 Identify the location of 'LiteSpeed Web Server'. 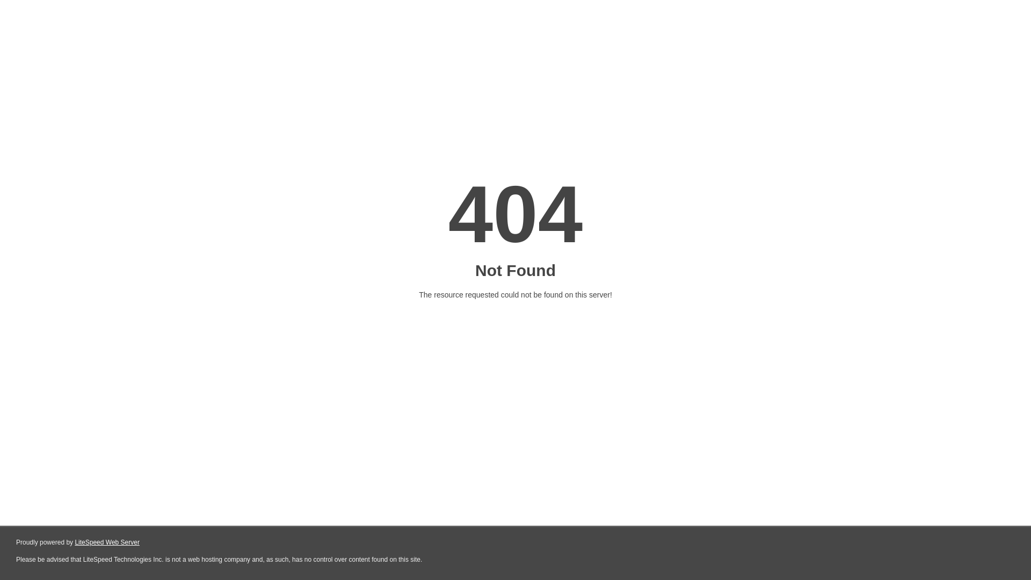
(107, 542).